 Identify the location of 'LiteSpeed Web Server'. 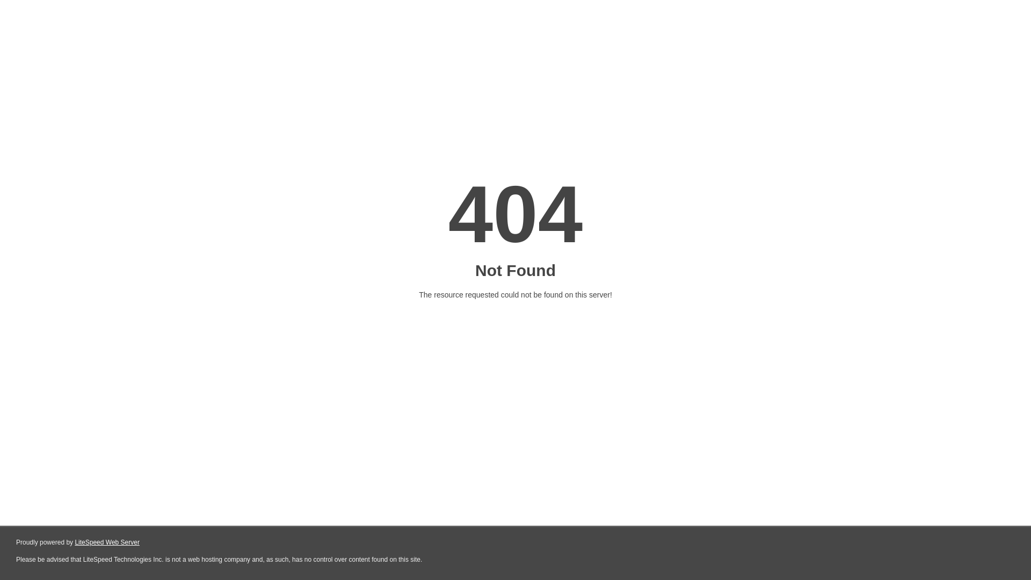
(107, 542).